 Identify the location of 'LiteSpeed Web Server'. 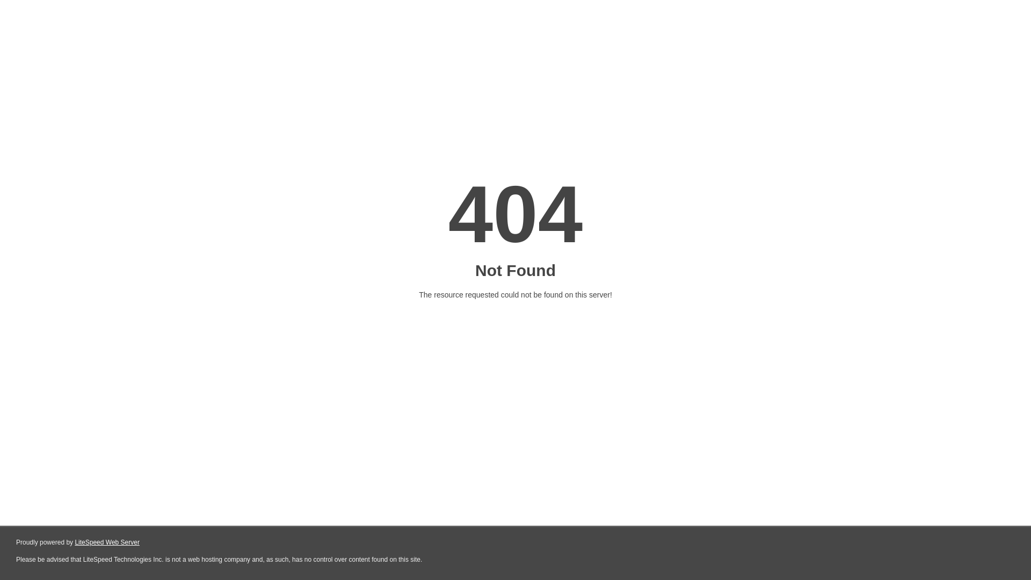
(107, 542).